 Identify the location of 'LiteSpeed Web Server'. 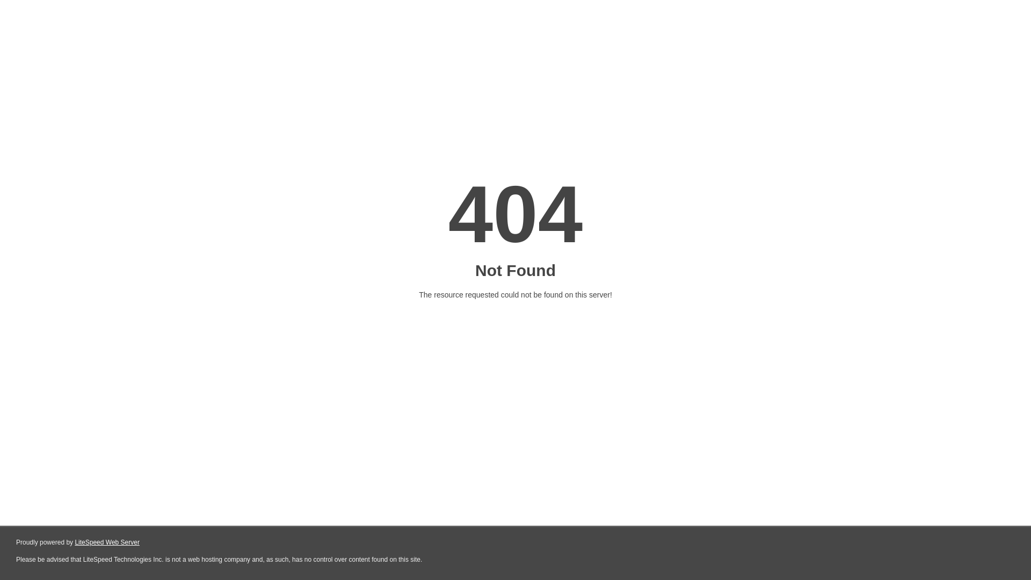
(107, 542).